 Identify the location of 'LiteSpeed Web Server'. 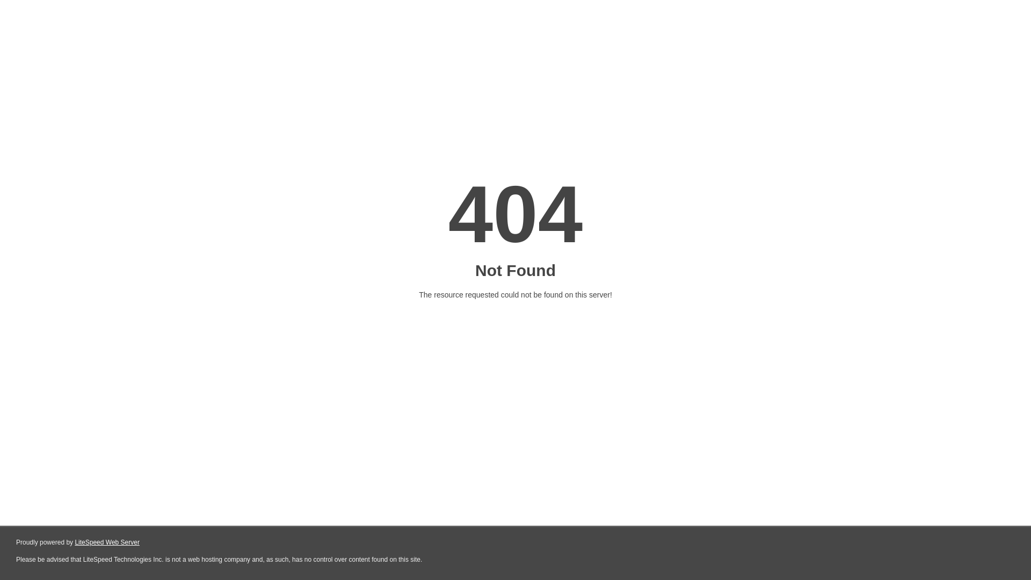
(107, 542).